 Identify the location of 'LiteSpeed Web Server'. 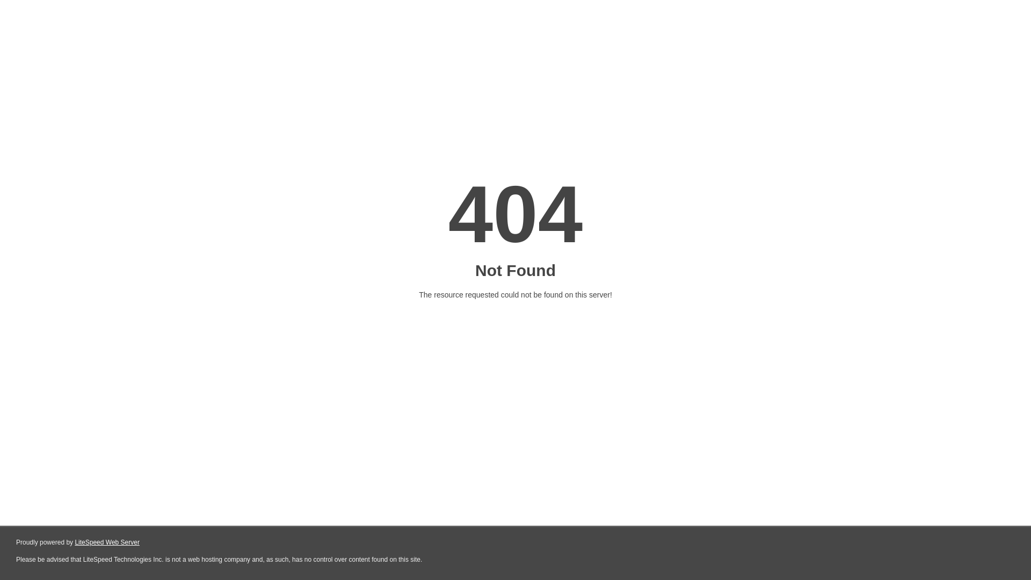
(107, 542).